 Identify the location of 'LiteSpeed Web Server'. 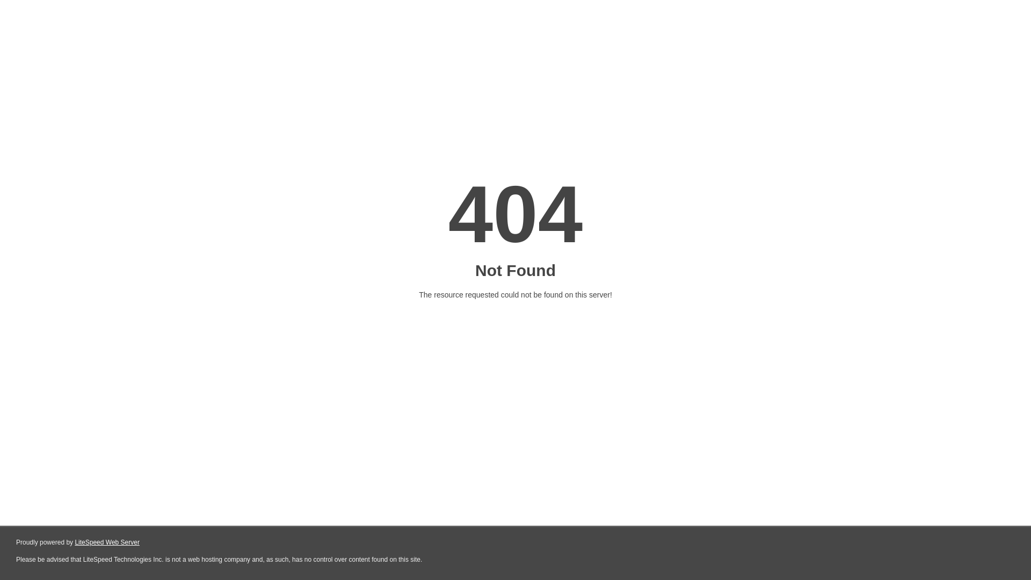
(107, 542).